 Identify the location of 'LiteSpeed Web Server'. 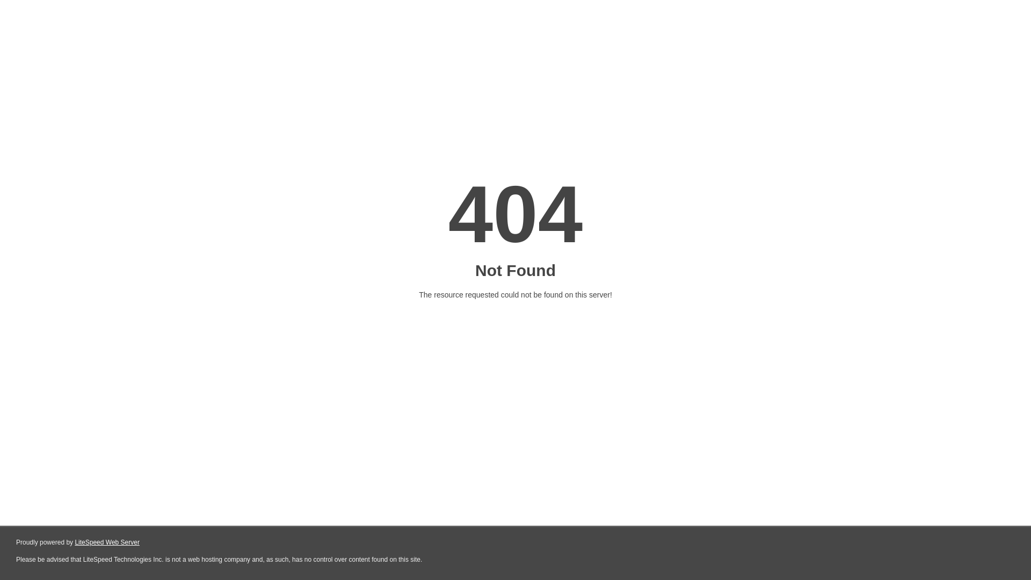
(107, 542).